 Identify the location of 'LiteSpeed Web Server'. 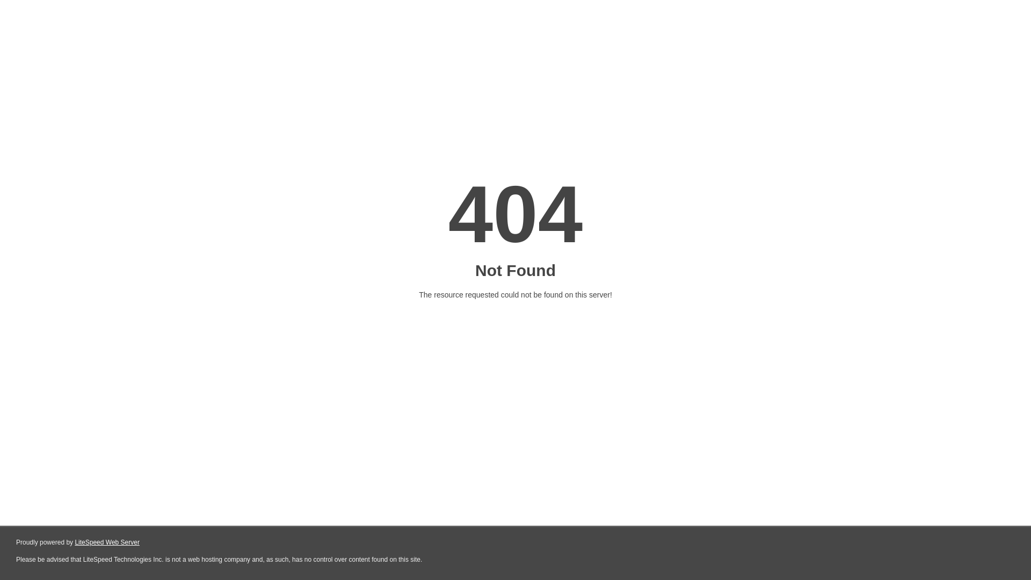
(107, 542).